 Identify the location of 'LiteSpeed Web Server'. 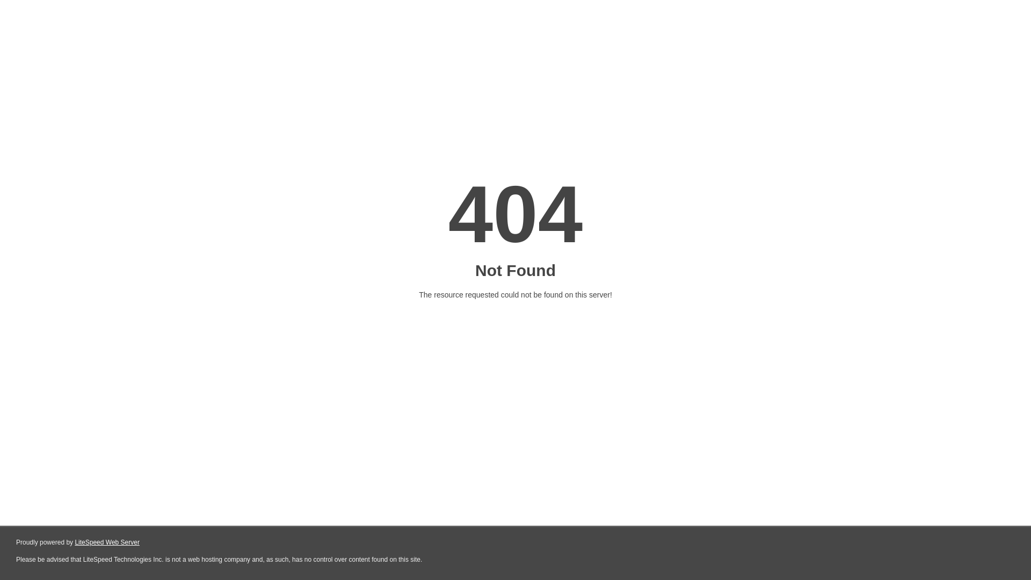
(107, 542).